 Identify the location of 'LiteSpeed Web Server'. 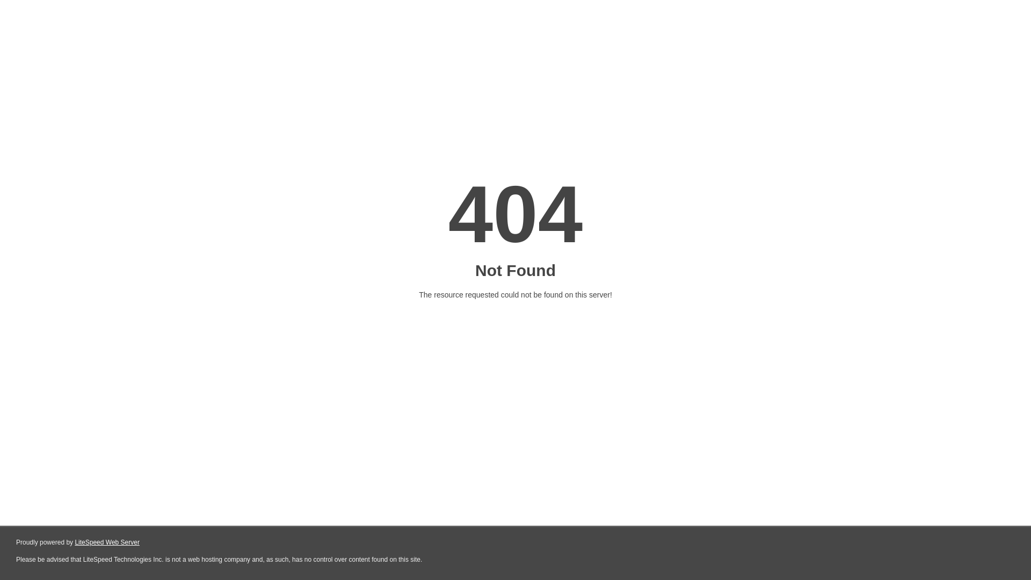
(107, 542).